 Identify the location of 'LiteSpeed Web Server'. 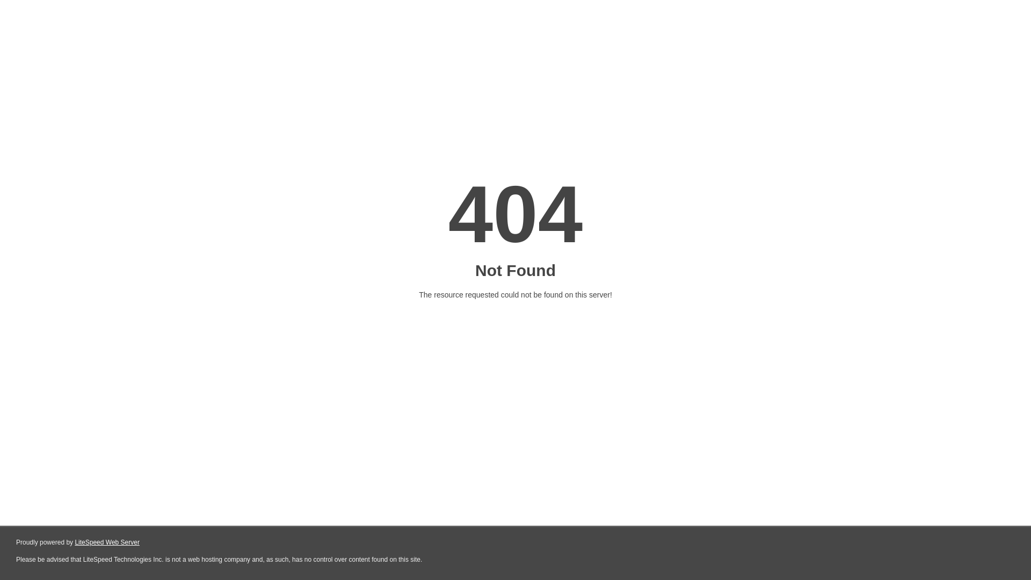
(107, 542).